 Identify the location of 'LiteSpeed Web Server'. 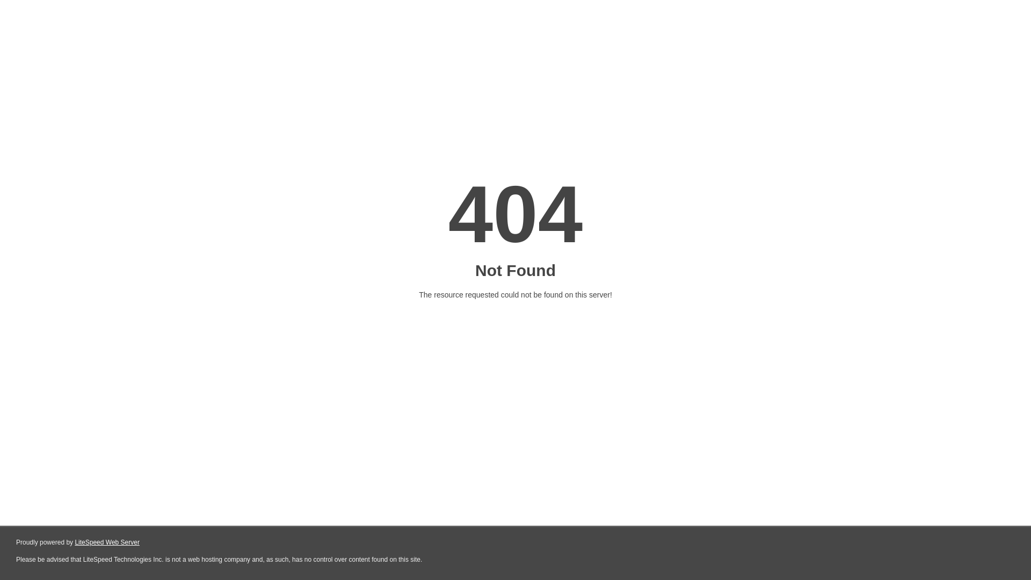
(107, 542).